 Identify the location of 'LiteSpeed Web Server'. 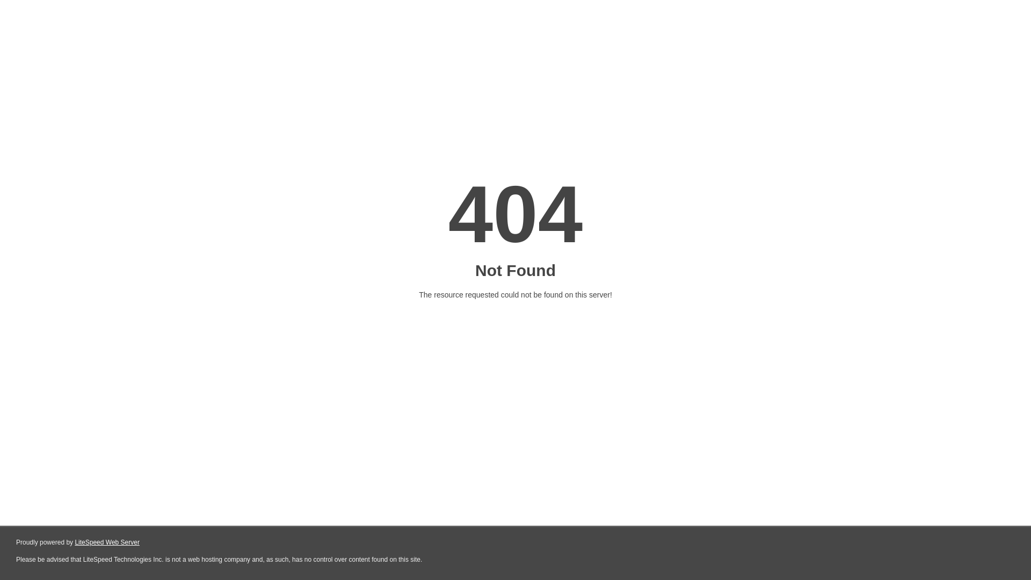
(107, 542).